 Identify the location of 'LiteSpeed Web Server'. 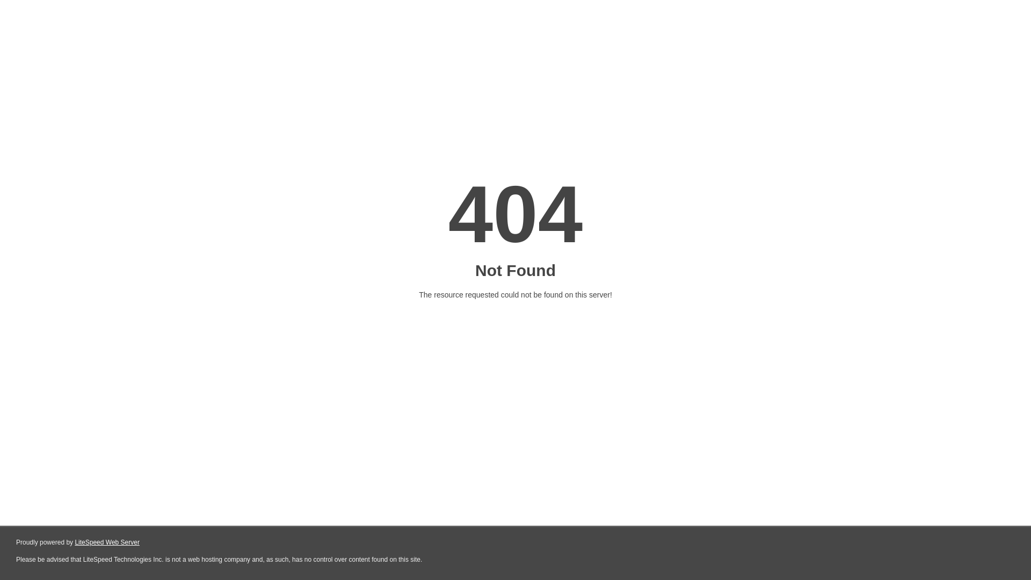
(107, 542).